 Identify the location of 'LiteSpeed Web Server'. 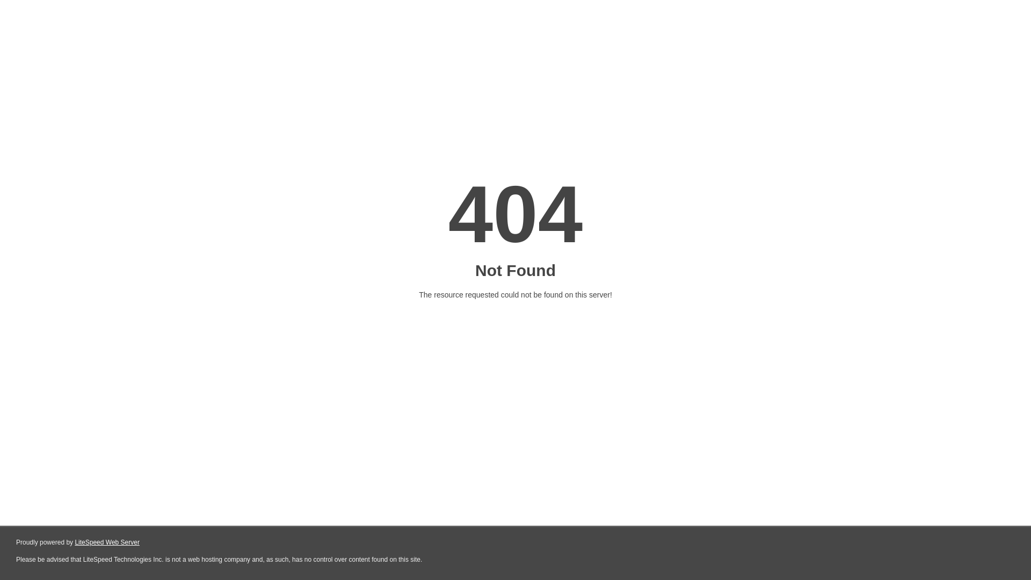
(107, 542).